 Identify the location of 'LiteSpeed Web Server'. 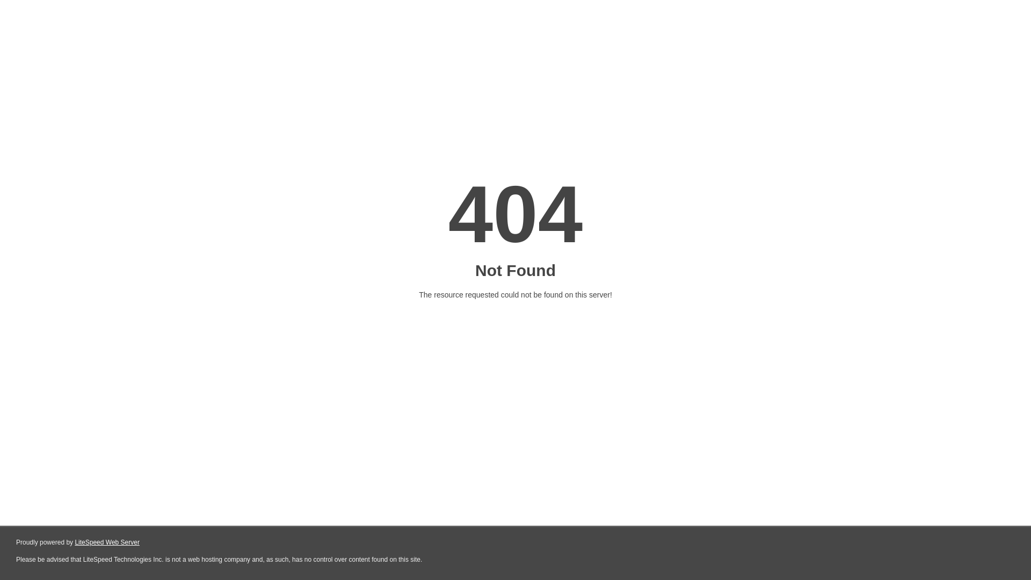
(107, 542).